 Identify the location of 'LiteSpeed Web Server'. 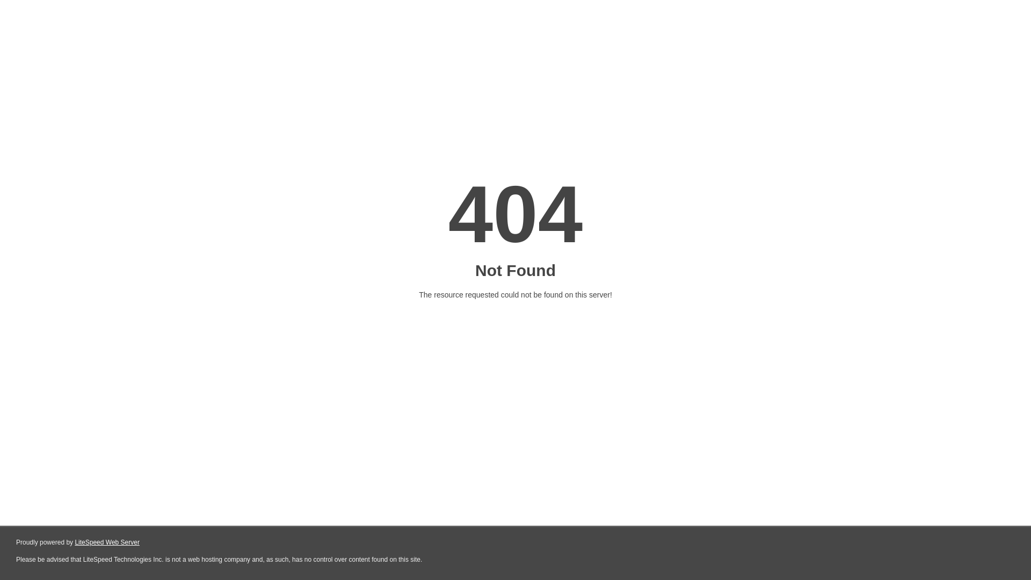
(107, 542).